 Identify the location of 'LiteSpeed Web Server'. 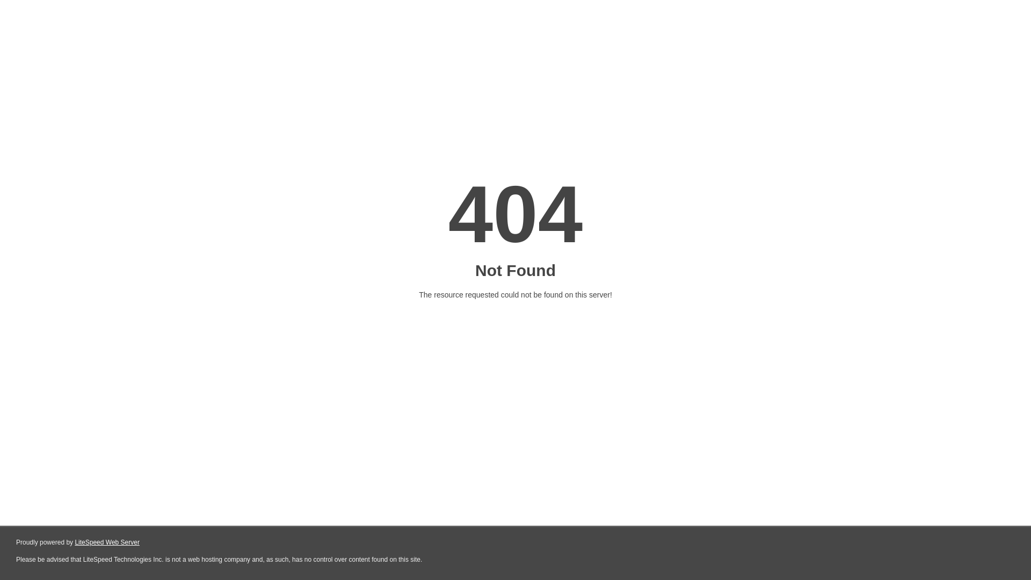
(107, 542).